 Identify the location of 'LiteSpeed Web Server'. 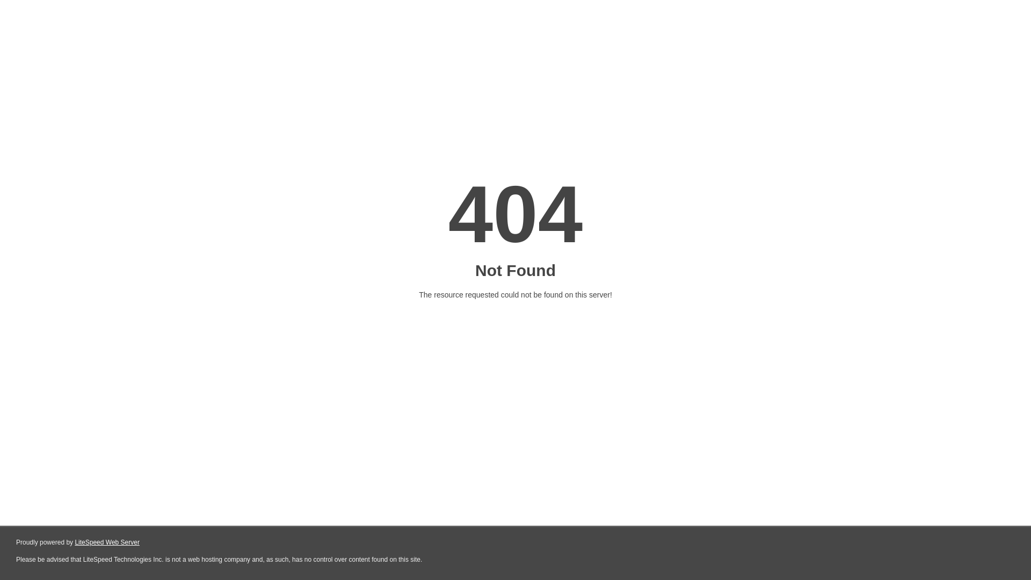
(107, 542).